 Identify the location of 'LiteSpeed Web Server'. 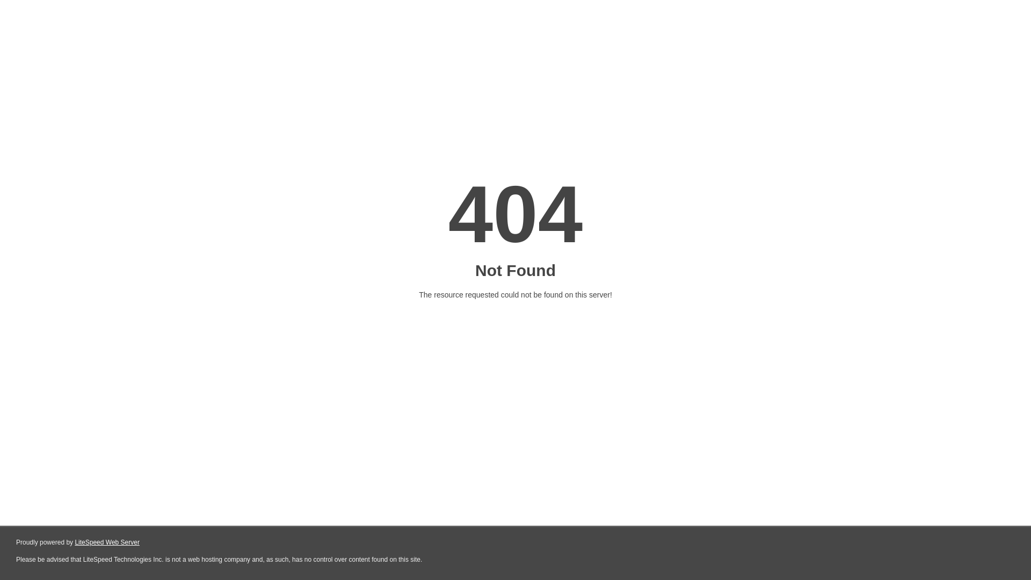
(107, 542).